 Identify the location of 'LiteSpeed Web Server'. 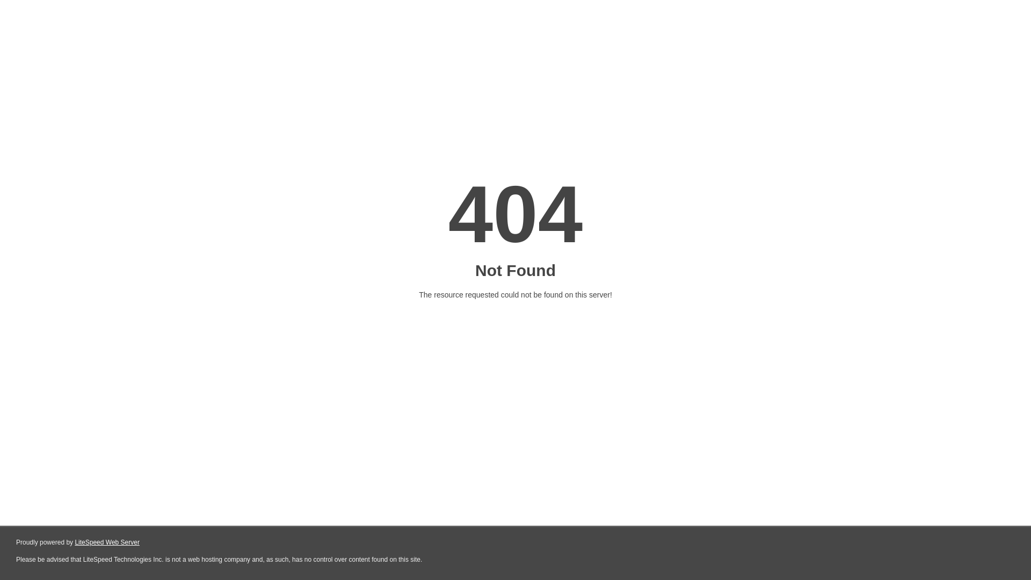
(107, 542).